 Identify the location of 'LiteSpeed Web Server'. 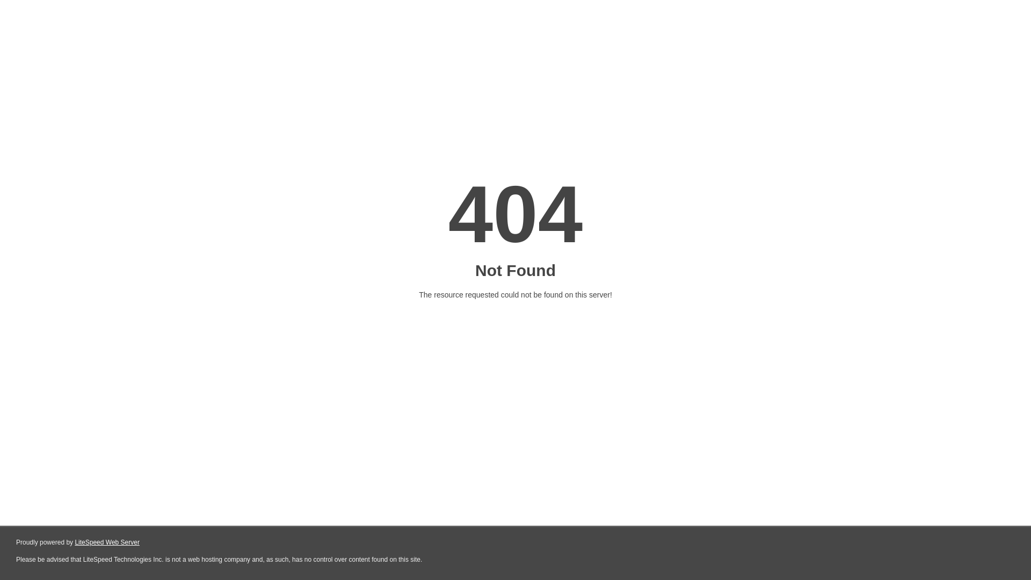
(107, 542).